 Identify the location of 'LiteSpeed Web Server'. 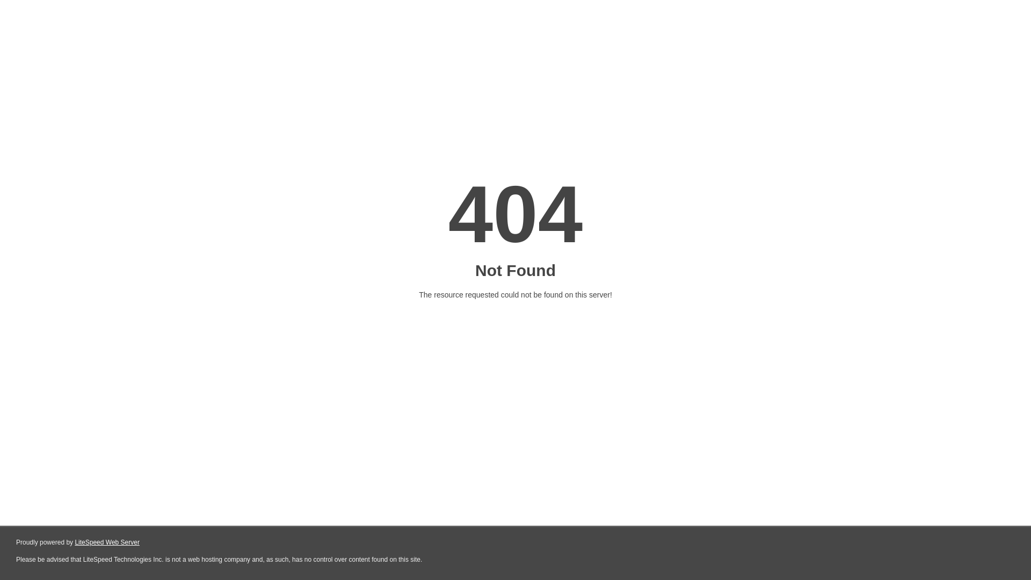
(107, 542).